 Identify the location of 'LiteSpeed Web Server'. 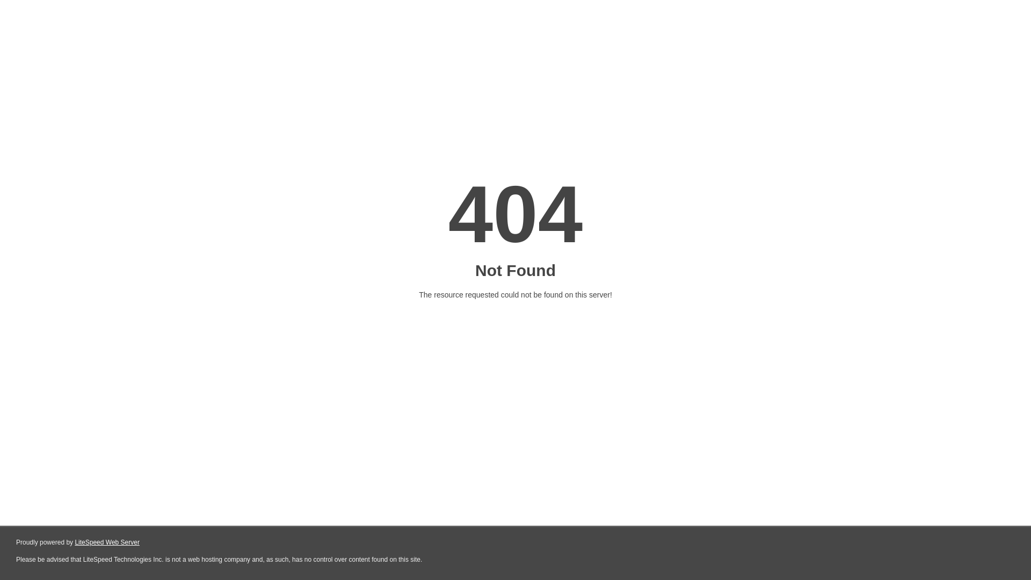
(107, 542).